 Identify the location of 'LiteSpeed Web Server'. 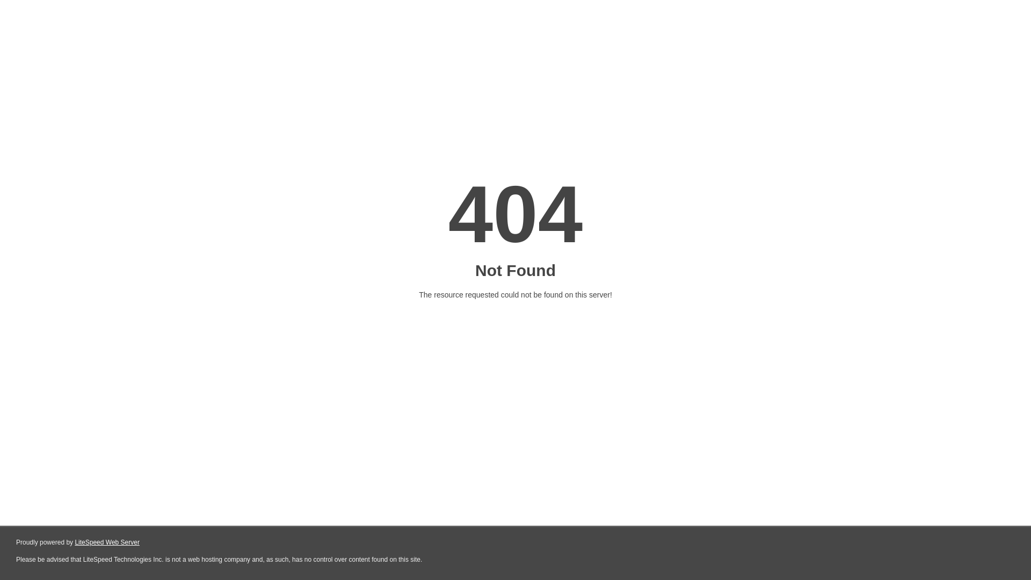
(107, 542).